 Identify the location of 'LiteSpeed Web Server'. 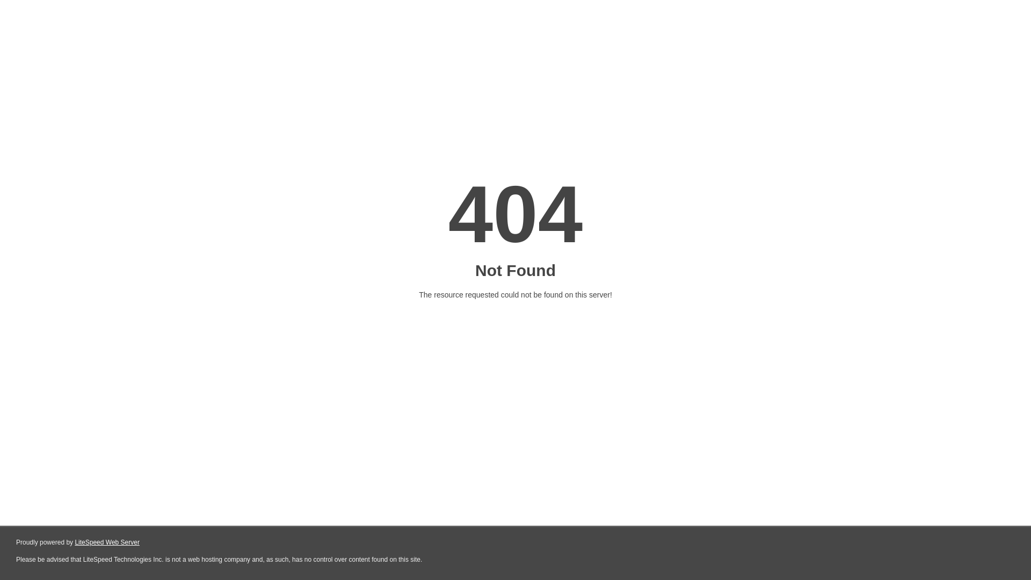
(107, 542).